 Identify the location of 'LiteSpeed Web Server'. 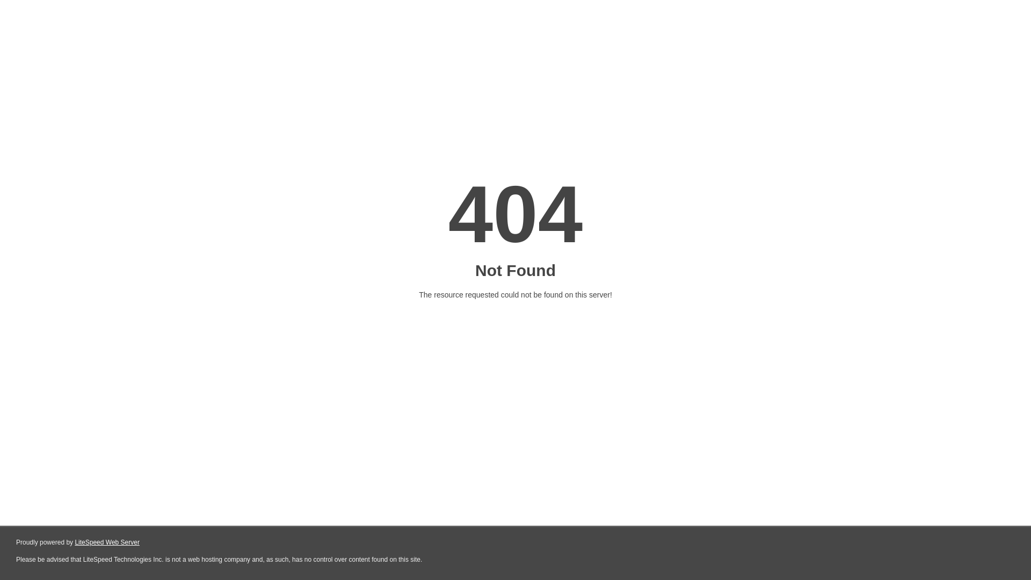
(107, 542).